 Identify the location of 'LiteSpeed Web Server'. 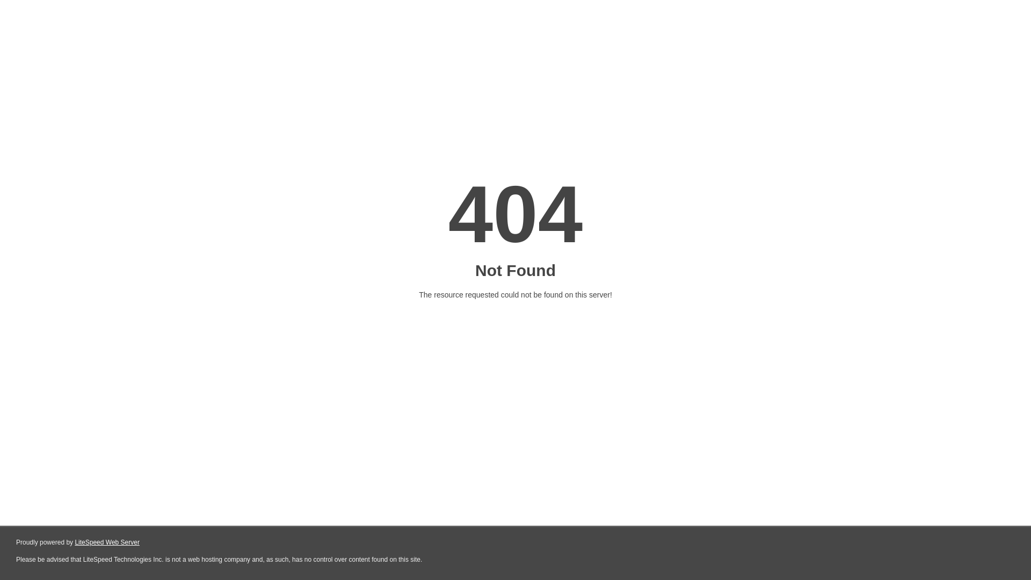
(107, 542).